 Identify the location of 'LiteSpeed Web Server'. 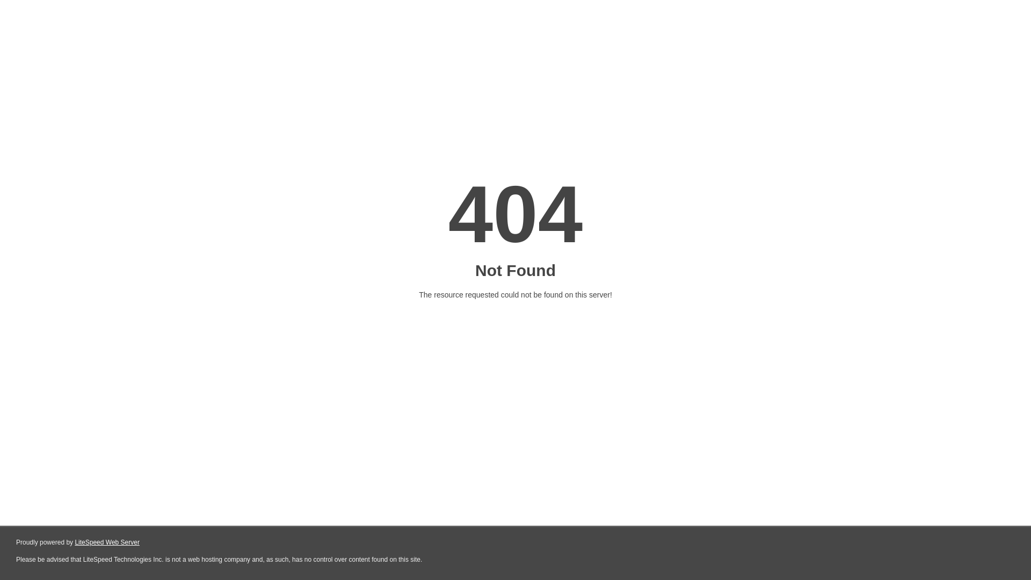
(107, 542).